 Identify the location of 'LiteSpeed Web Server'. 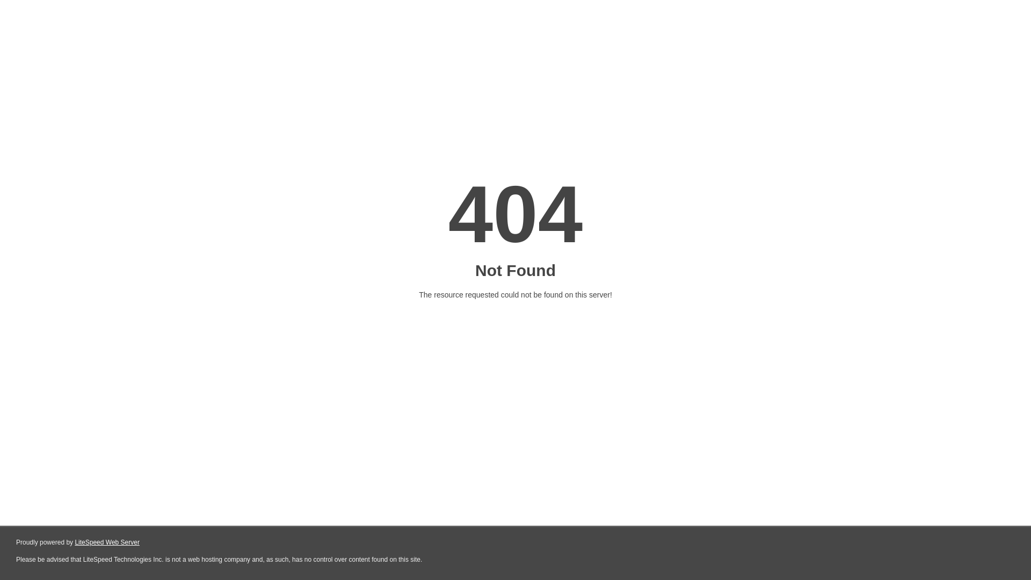
(107, 542).